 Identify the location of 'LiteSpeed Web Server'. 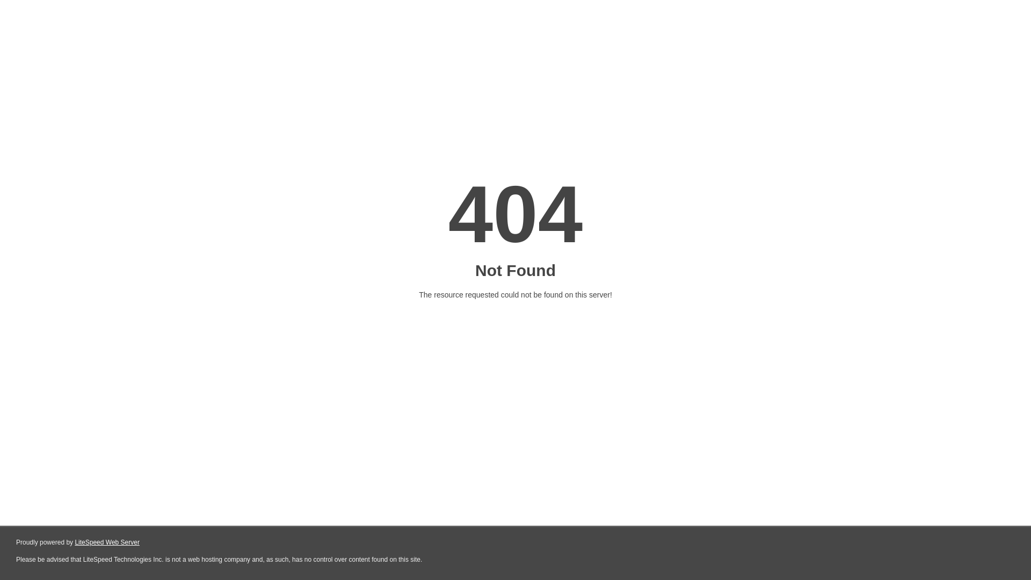
(107, 542).